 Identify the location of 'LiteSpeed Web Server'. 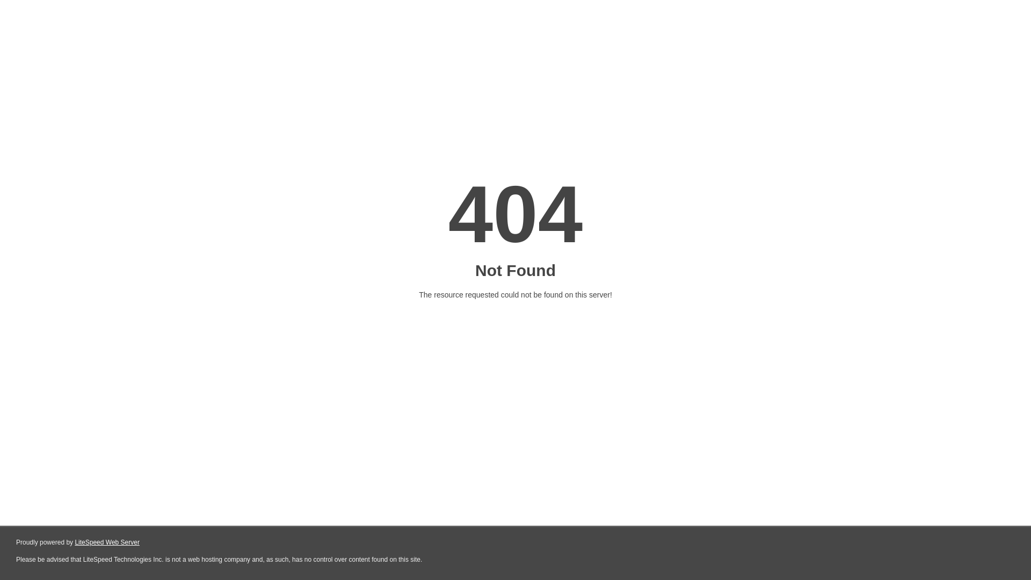
(107, 542).